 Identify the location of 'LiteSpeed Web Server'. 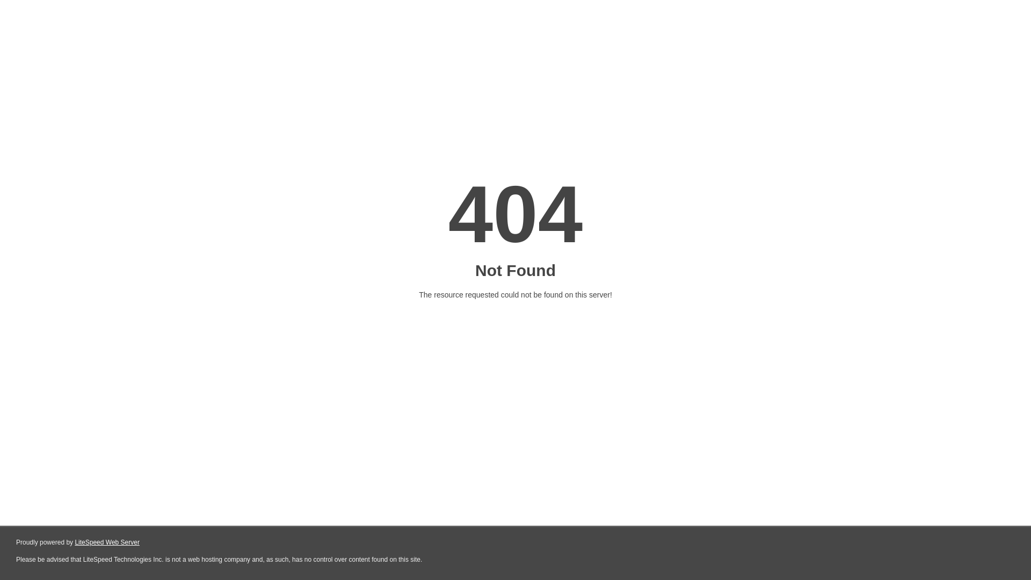
(107, 542).